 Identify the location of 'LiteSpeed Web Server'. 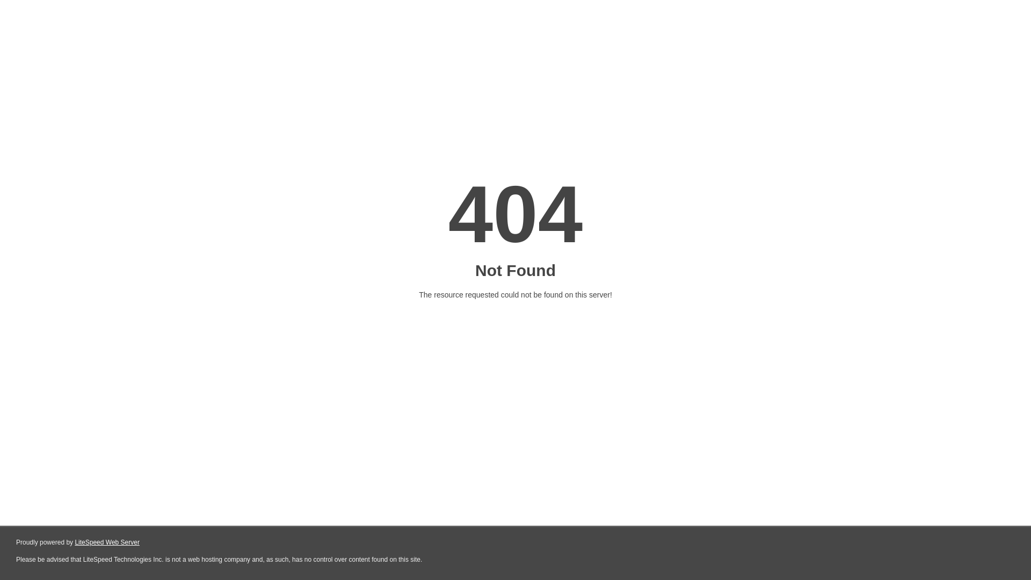
(107, 542).